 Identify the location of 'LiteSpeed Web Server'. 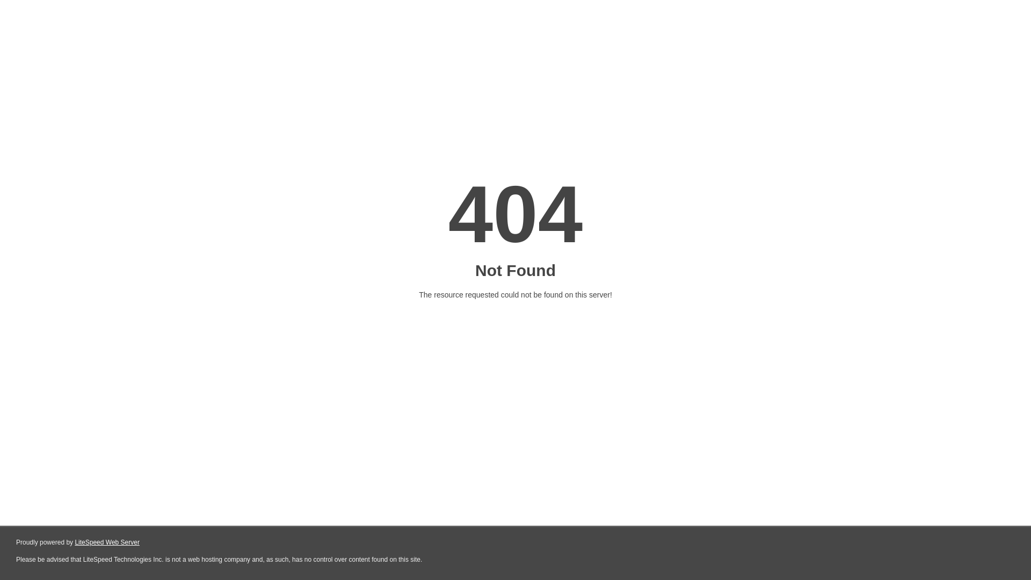
(107, 542).